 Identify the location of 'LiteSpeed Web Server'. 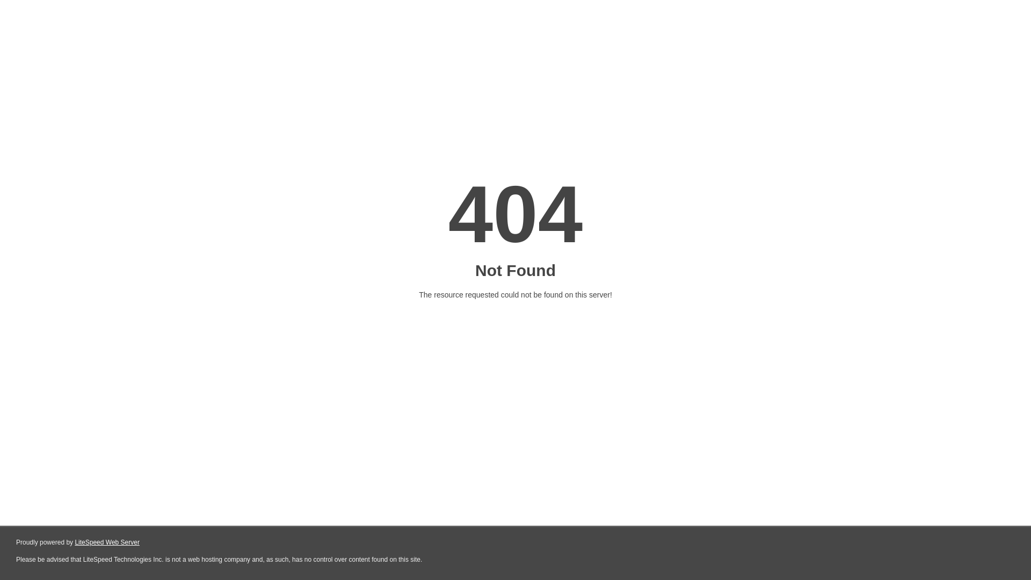
(107, 542).